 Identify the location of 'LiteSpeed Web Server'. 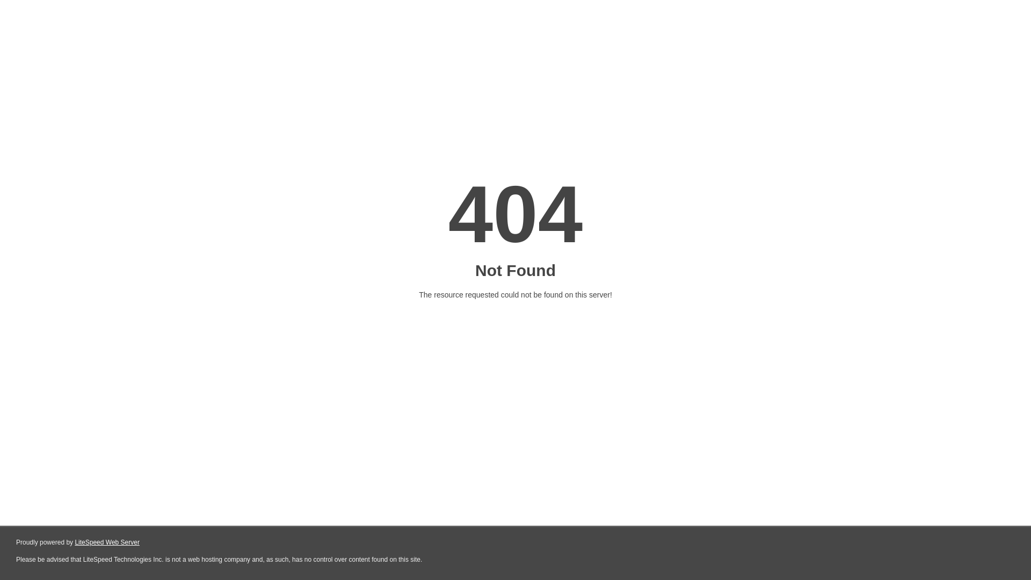
(107, 542).